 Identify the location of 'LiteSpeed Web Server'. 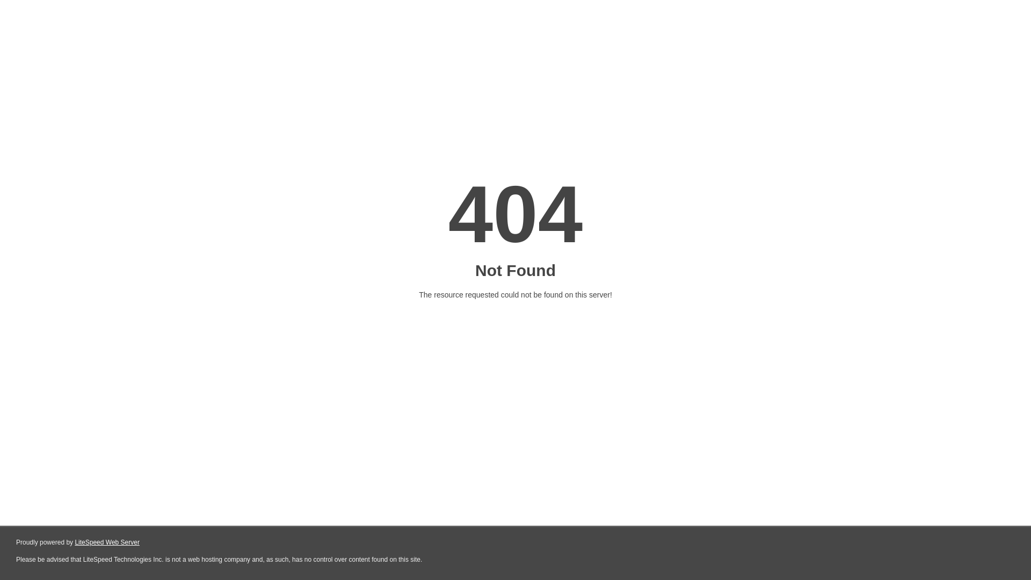
(107, 542).